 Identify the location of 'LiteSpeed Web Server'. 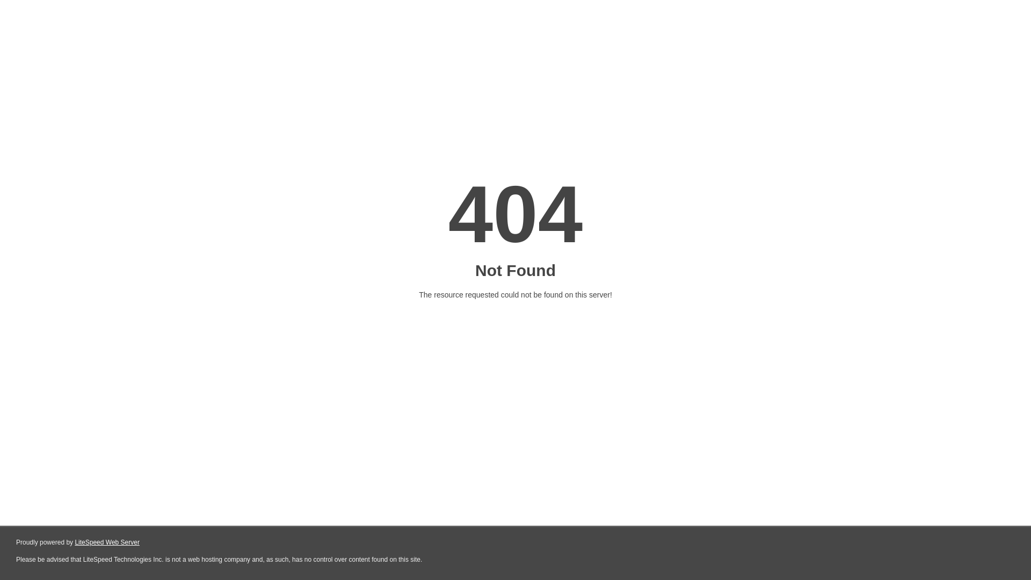
(107, 542).